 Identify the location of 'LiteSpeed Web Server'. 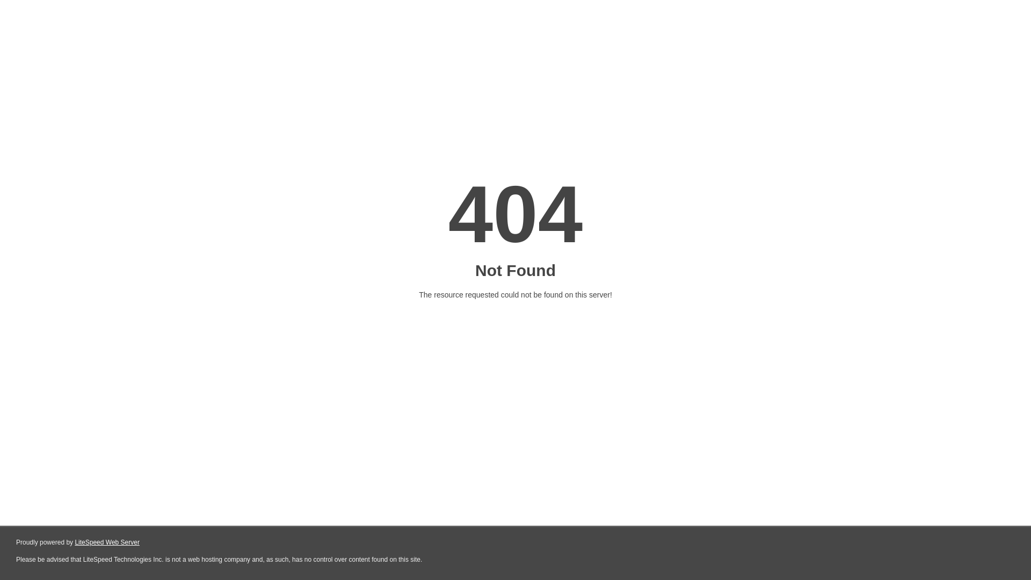
(107, 542).